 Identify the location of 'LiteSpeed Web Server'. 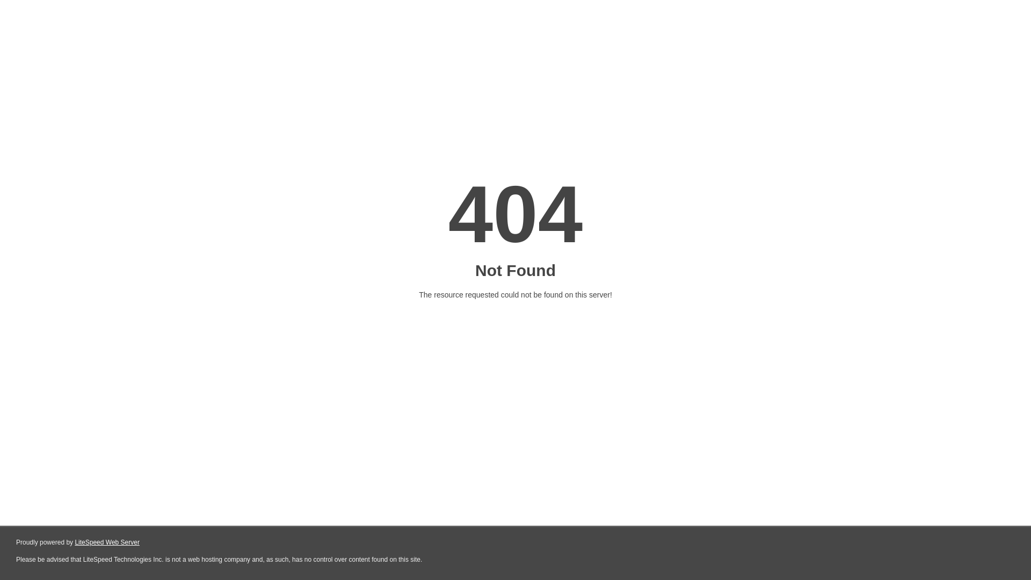
(107, 542).